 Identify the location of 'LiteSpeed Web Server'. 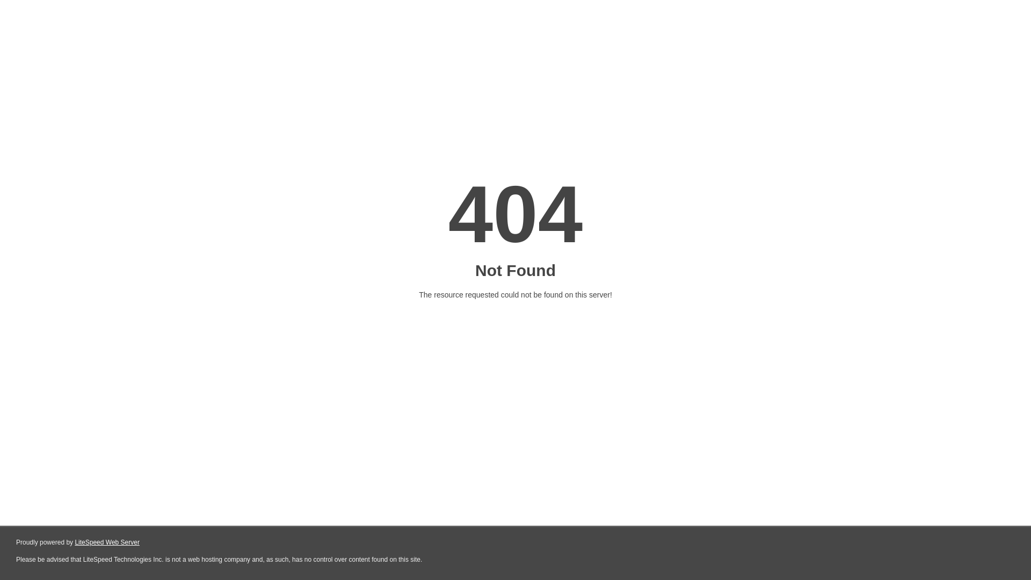
(107, 542).